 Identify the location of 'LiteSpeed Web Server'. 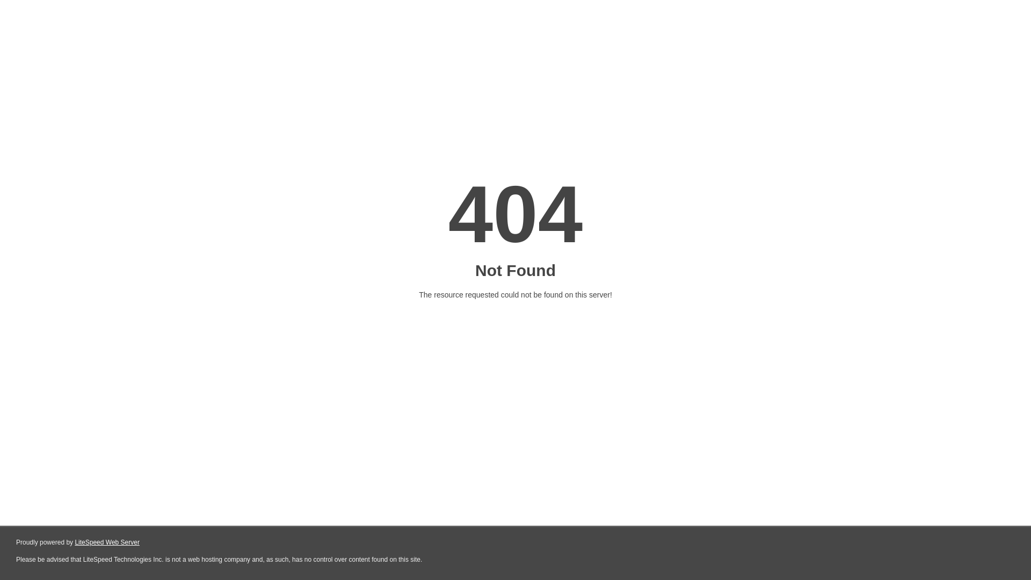
(107, 542).